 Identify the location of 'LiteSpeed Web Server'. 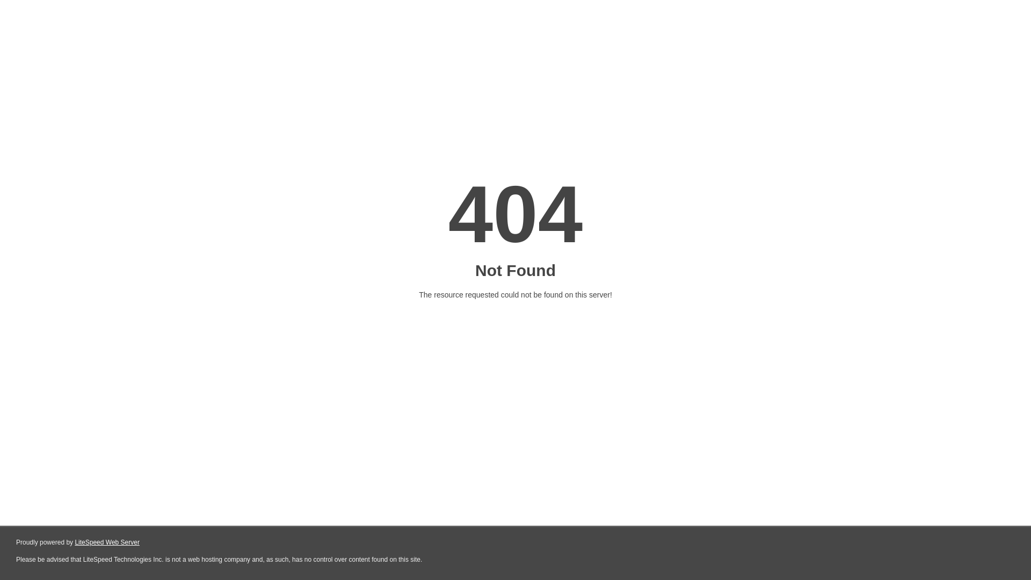
(107, 542).